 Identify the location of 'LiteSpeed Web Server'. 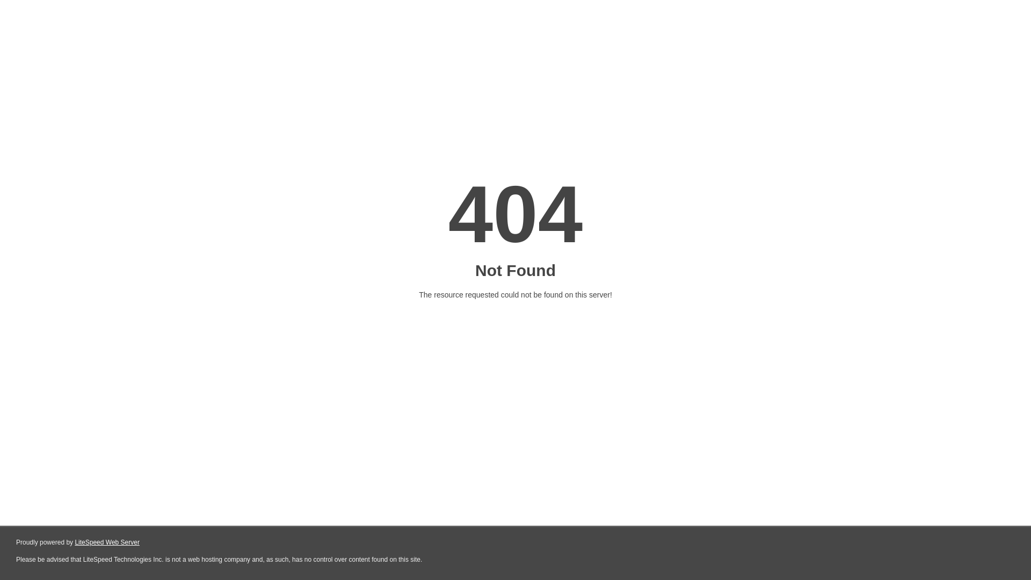
(107, 542).